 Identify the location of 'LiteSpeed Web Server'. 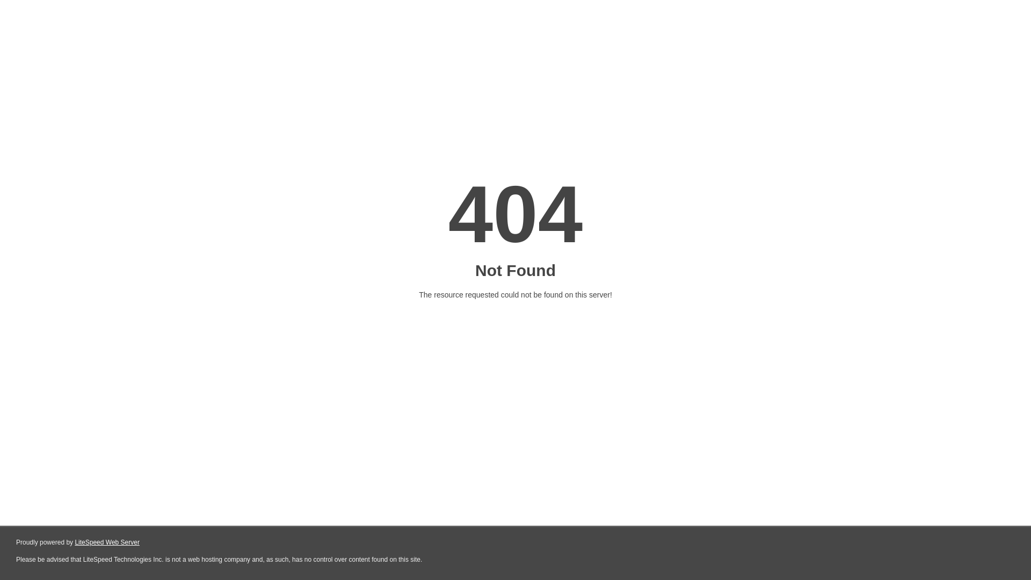
(107, 542).